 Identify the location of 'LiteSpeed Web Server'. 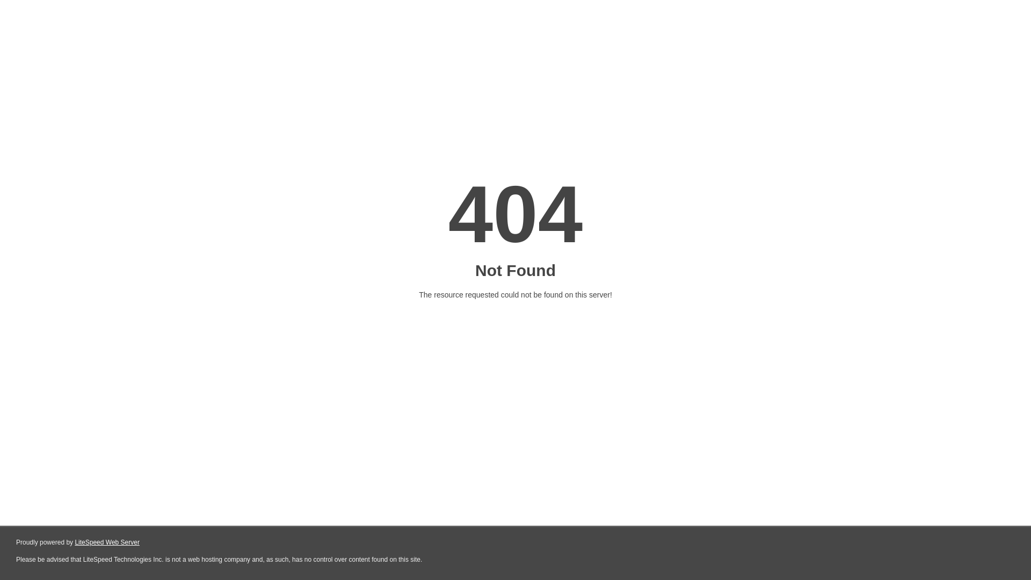
(107, 542).